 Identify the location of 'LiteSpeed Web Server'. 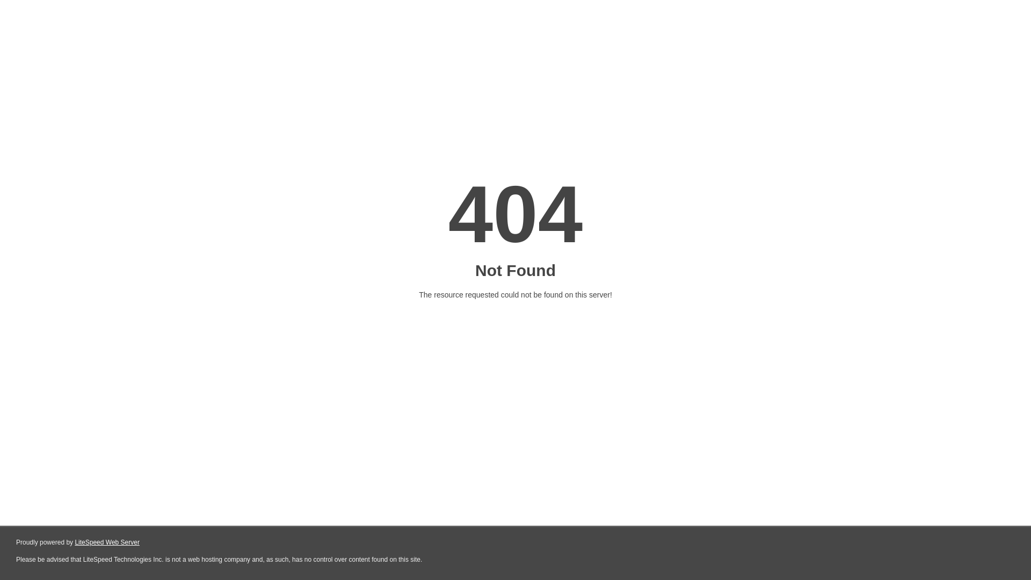
(107, 542).